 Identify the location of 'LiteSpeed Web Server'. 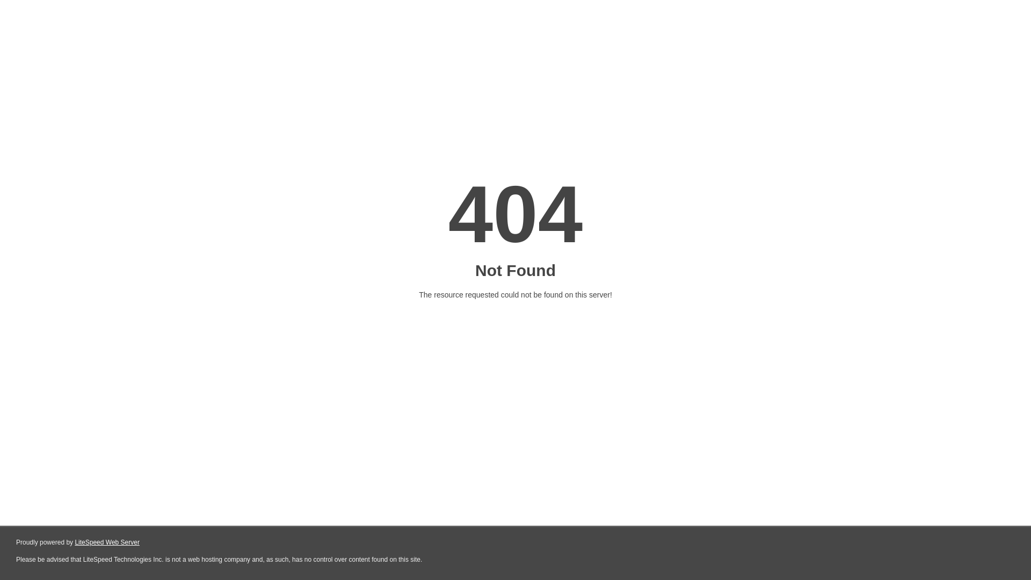
(107, 542).